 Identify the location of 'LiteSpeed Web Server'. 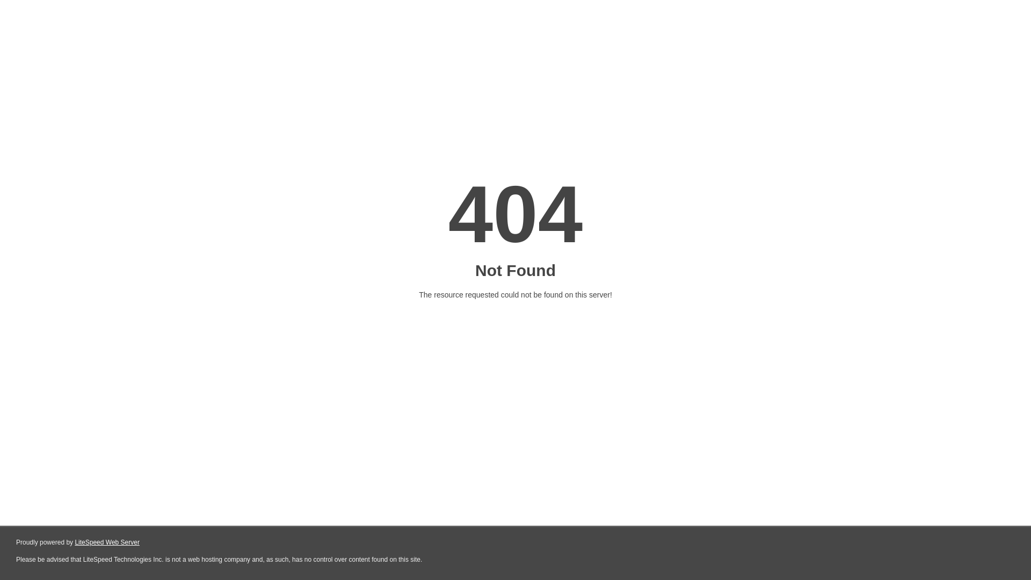
(107, 542).